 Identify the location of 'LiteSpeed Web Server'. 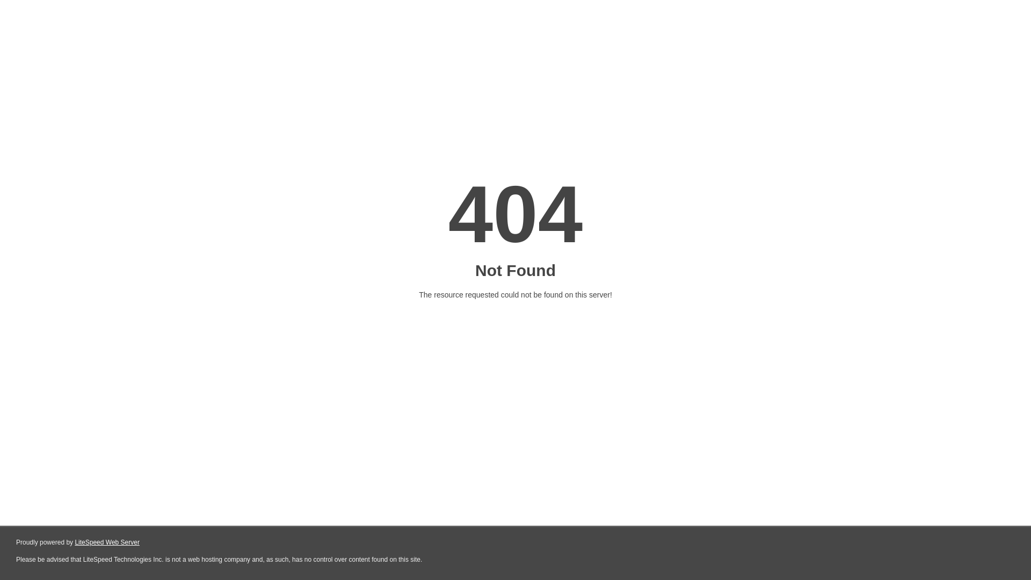
(107, 542).